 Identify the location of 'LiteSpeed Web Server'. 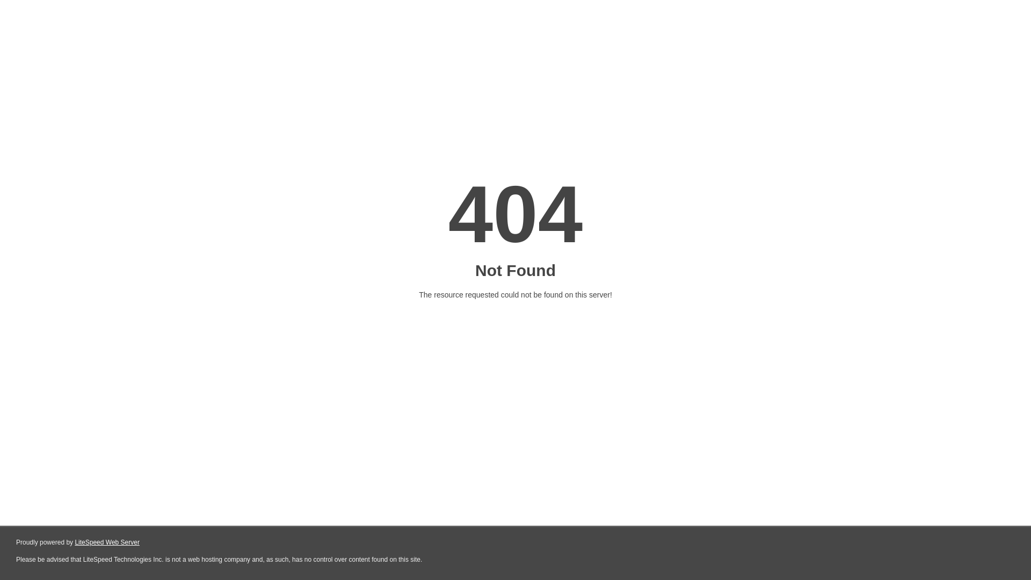
(107, 542).